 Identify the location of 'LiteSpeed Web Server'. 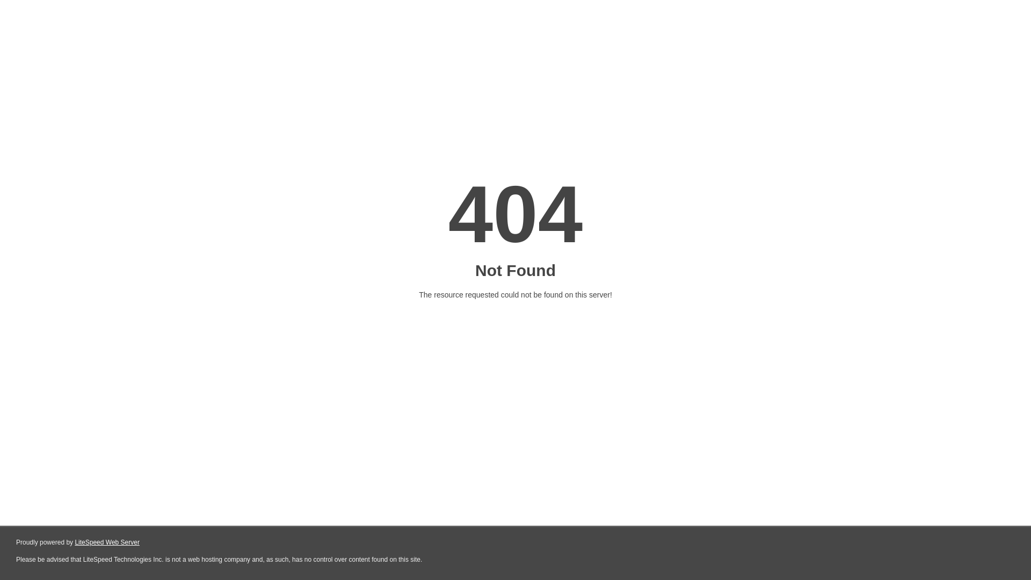
(107, 542).